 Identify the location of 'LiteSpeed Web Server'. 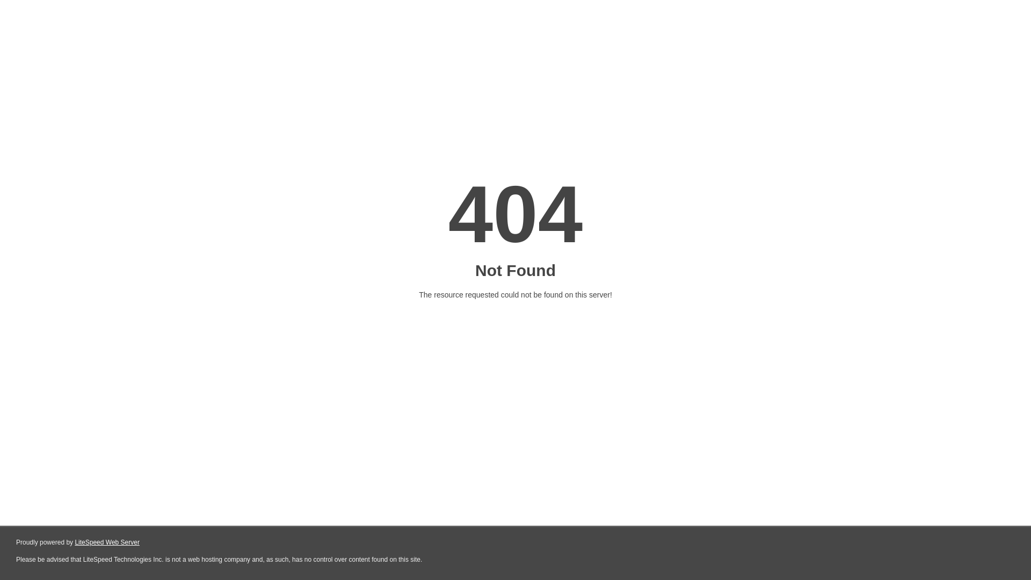
(107, 542).